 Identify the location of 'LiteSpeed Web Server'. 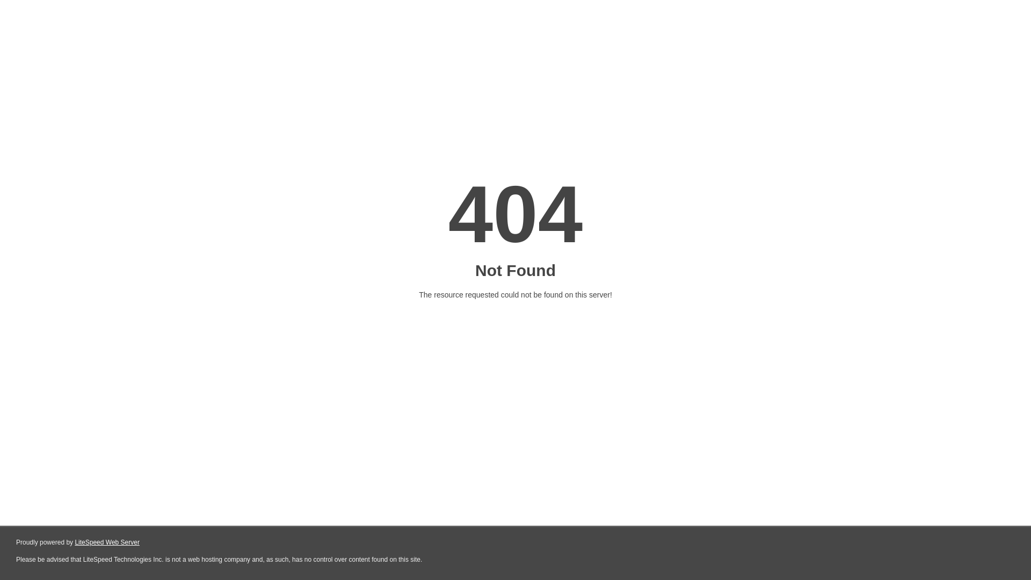
(107, 542).